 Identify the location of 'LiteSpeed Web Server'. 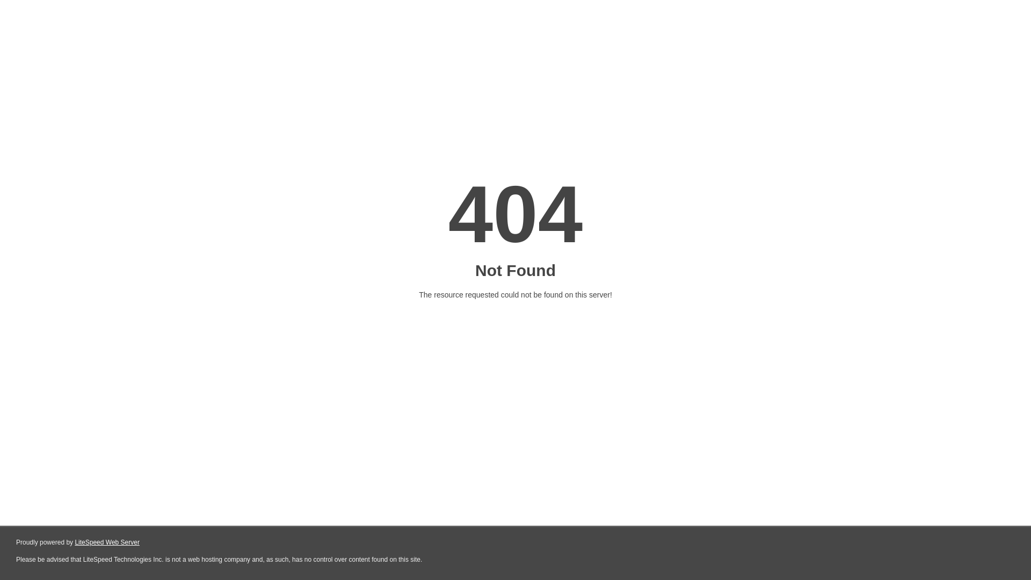
(107, 542).